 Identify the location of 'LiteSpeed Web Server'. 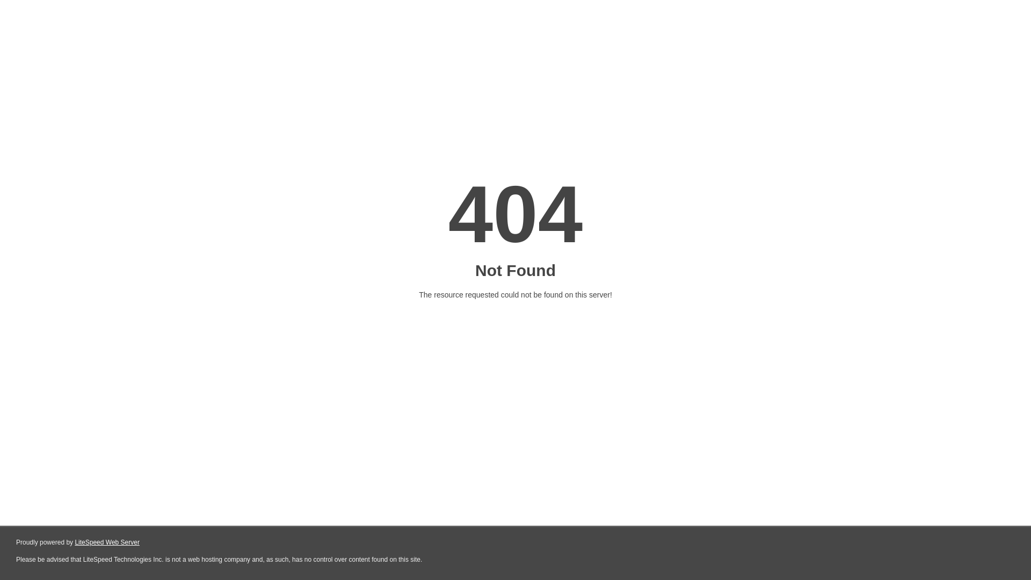
(107, 542).